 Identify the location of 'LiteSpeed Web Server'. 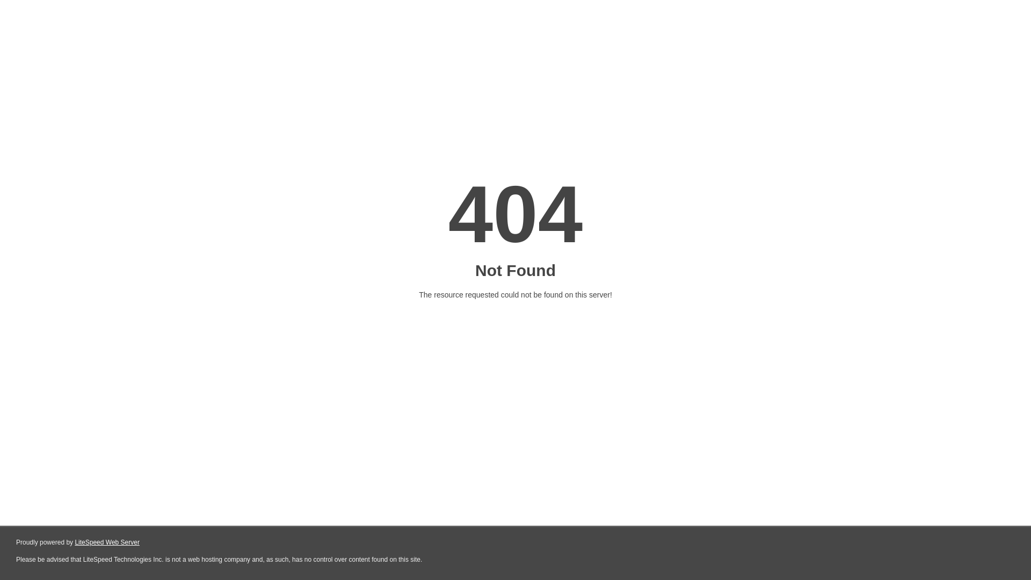
(107, 542).